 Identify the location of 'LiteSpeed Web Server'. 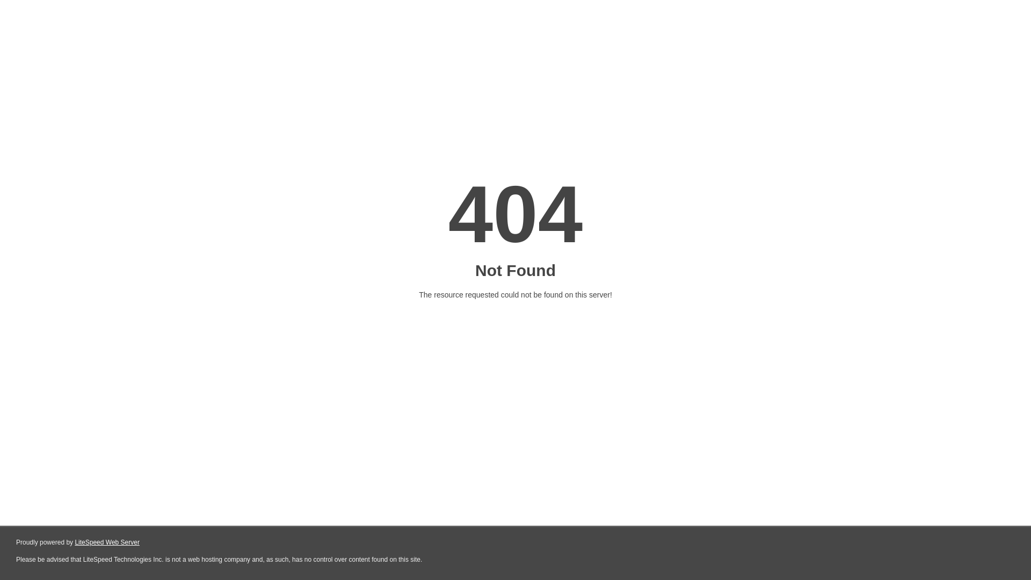
(107, 542).